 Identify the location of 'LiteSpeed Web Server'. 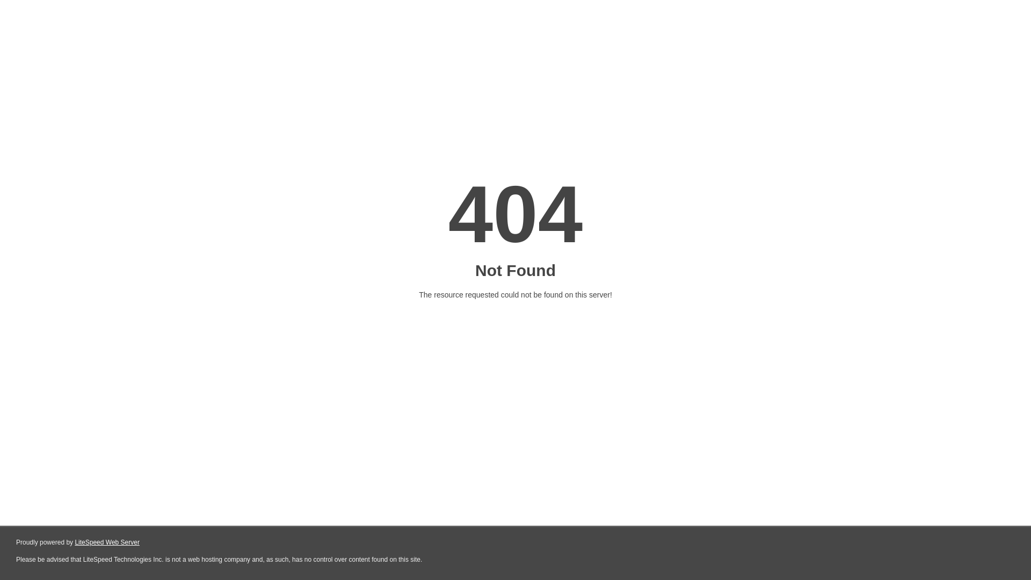
(107, 542).